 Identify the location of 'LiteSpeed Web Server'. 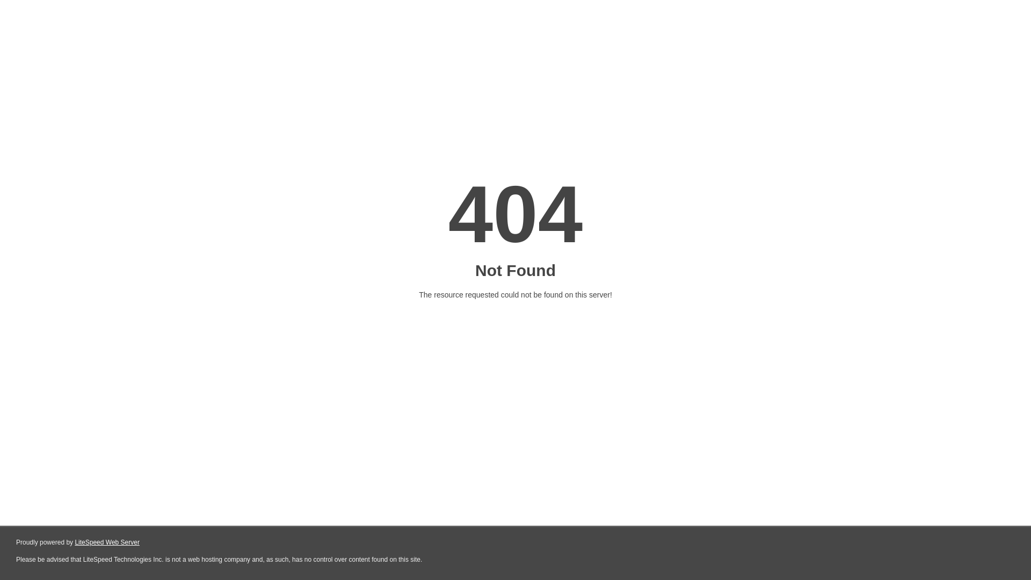
(107, 542).